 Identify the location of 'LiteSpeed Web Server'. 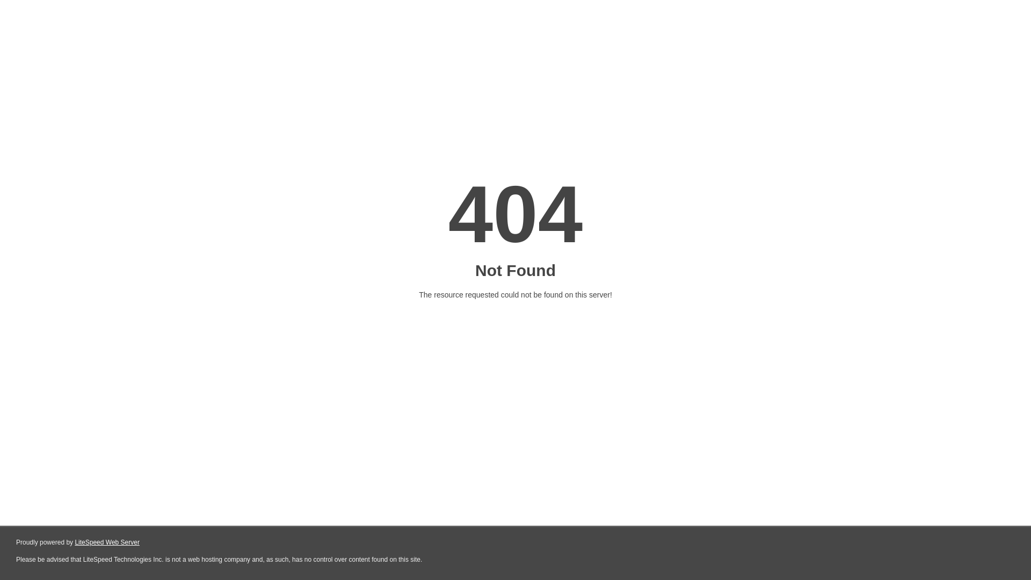
(107, 542).